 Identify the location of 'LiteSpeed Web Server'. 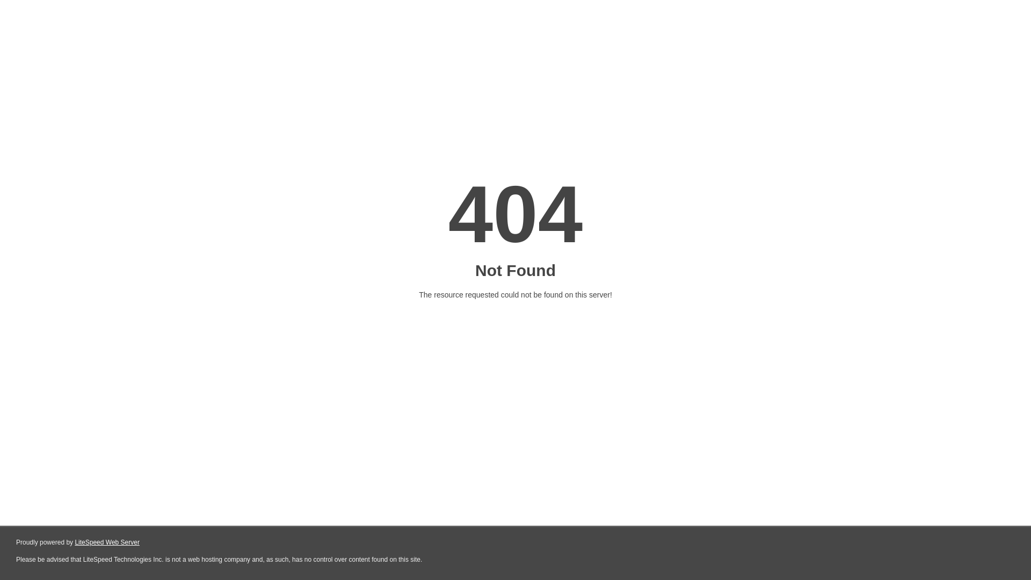
(107, 542).